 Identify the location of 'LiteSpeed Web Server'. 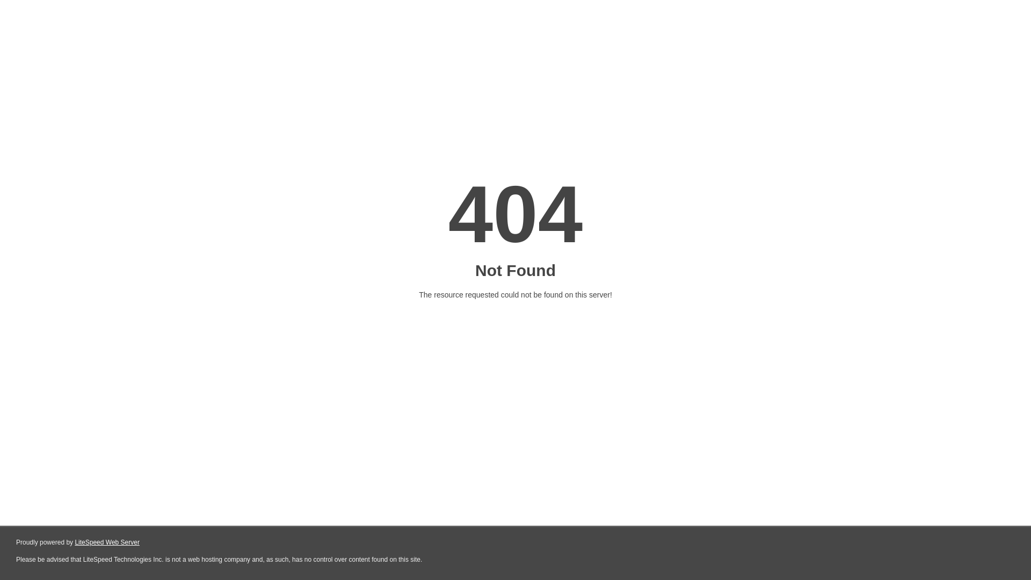
(107, 542).